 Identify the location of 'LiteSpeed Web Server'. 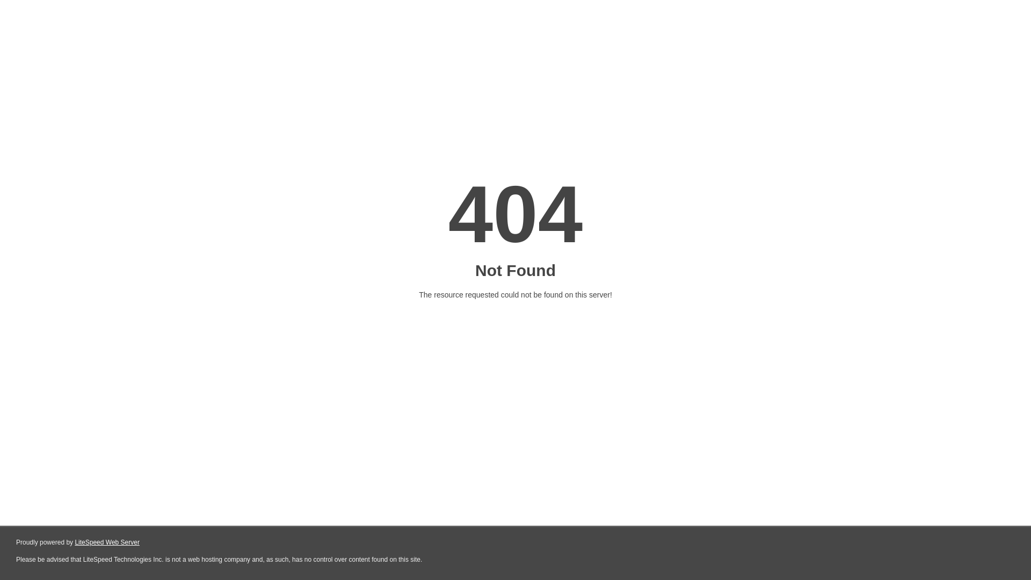
(107, 542).